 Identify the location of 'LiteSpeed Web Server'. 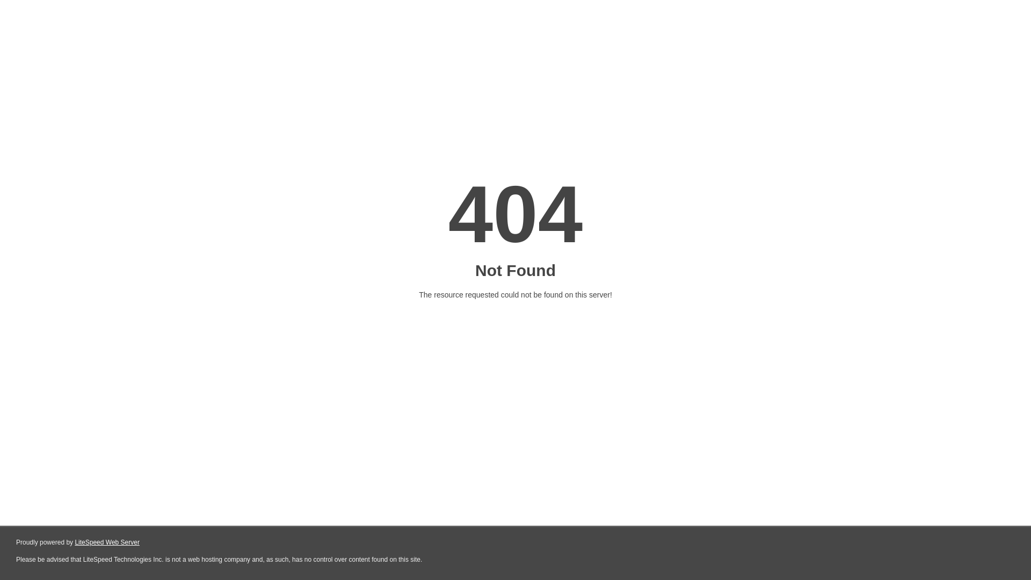
(107, 542).